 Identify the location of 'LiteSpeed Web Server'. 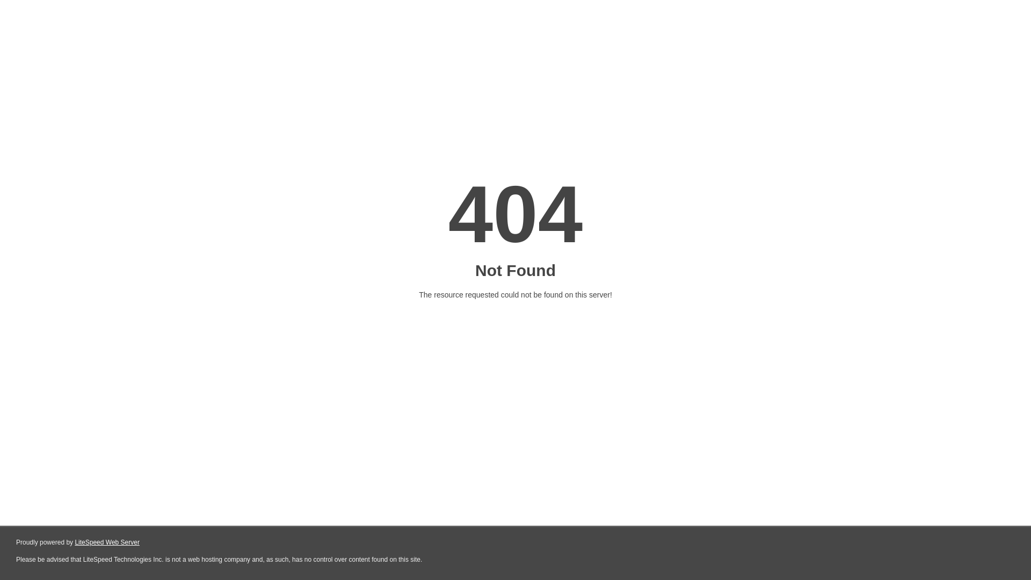
(107, 542).